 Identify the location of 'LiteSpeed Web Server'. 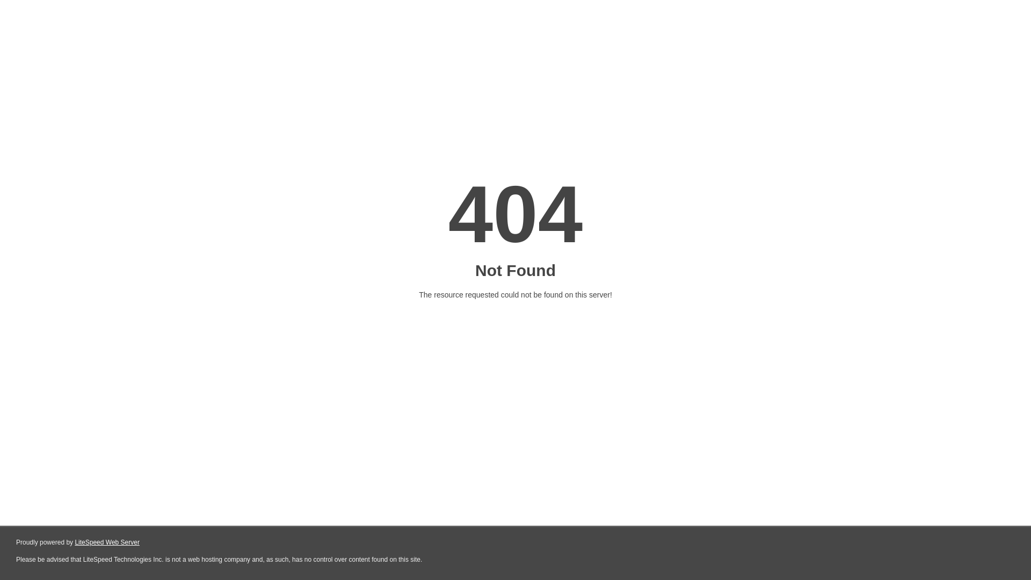
(107, 542).